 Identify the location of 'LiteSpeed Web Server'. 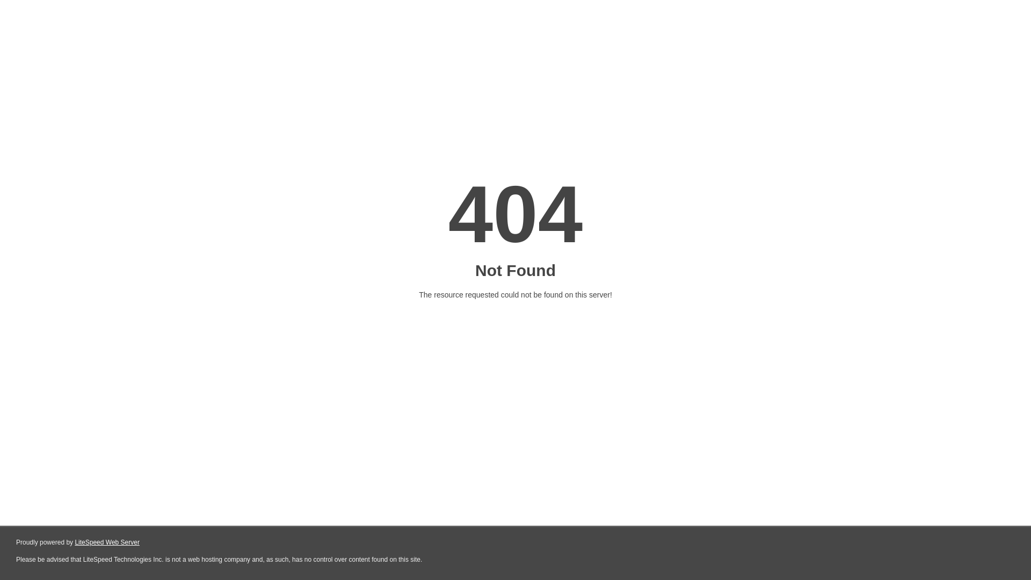
(107, 542).